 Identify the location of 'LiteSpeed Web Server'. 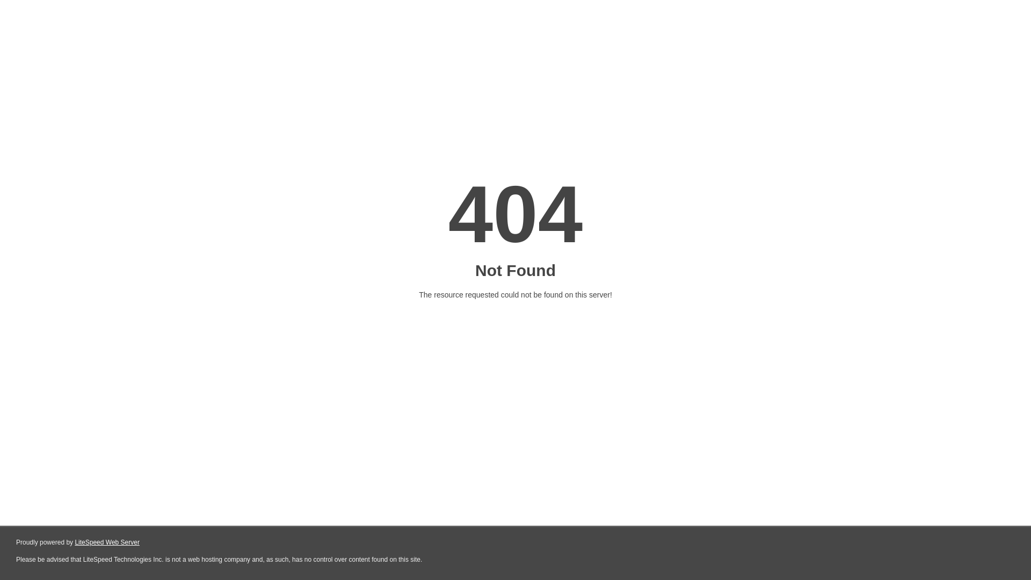
(107, 542).